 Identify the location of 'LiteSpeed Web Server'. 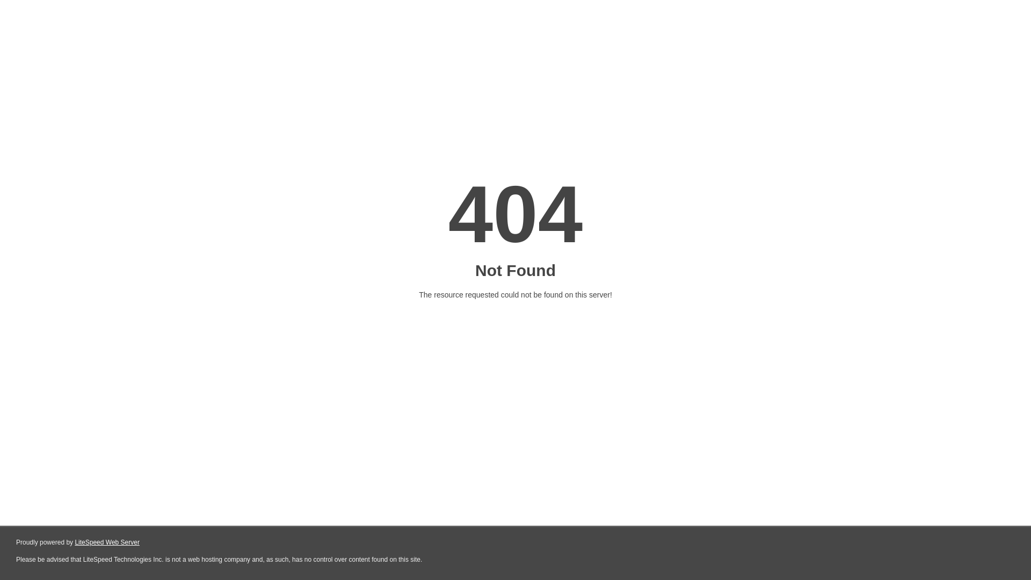
(107, 542).